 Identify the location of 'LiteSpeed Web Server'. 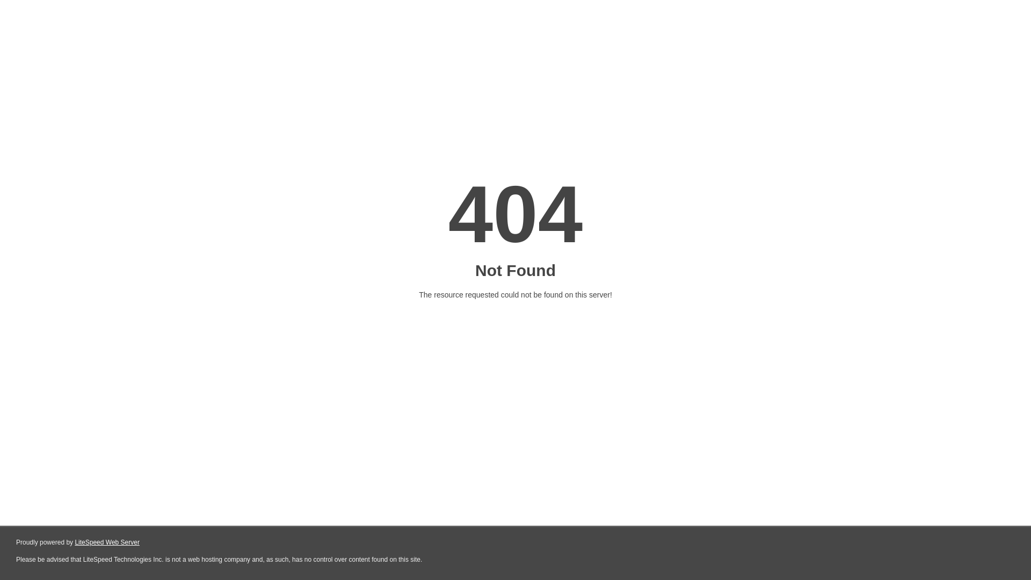
(107, 542).